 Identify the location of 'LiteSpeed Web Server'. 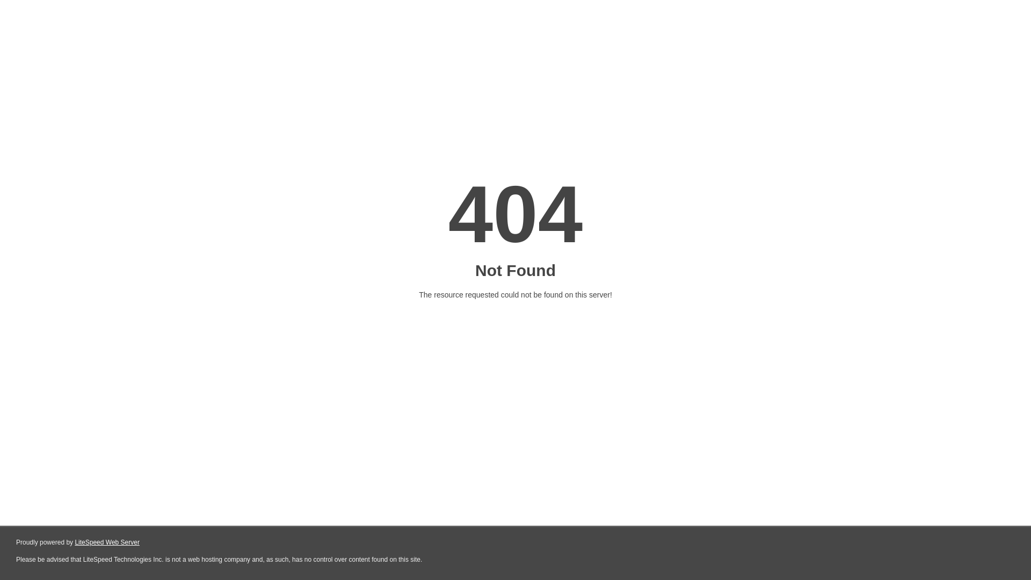
(107, 542).